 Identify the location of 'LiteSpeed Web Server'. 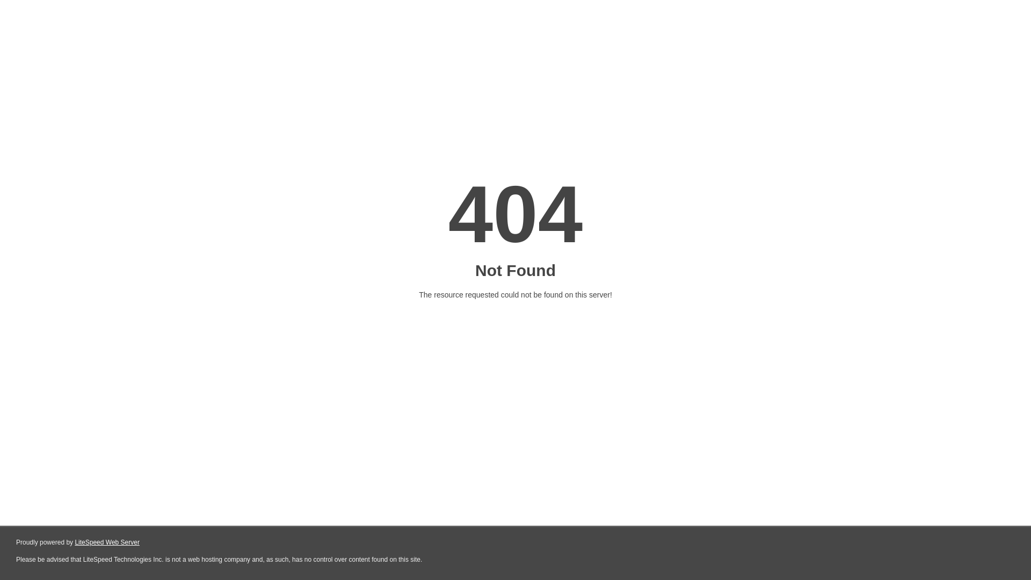
(107, 542).